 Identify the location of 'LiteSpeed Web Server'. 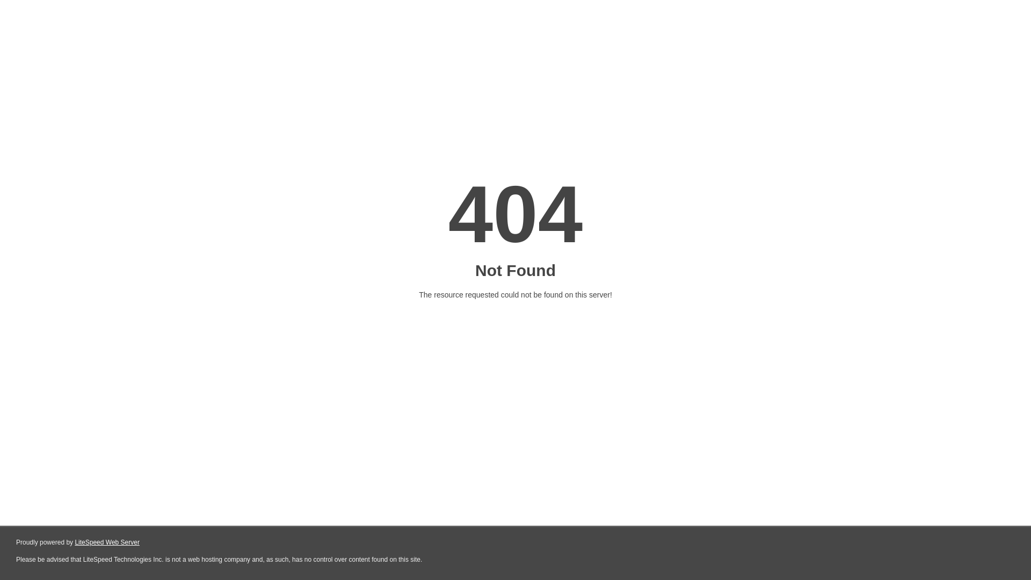
(107, 542).